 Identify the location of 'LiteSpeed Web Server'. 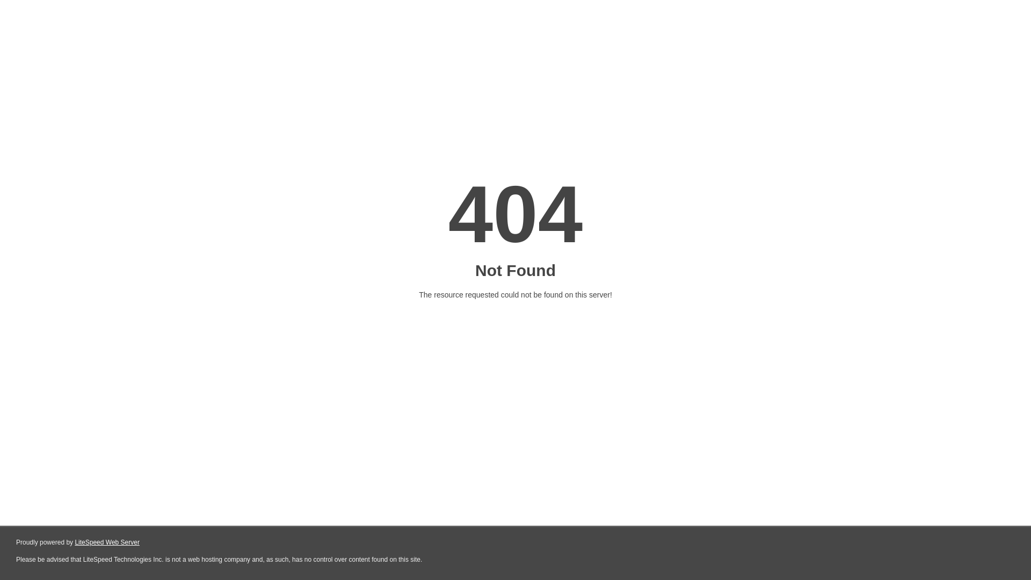
(107, 542).